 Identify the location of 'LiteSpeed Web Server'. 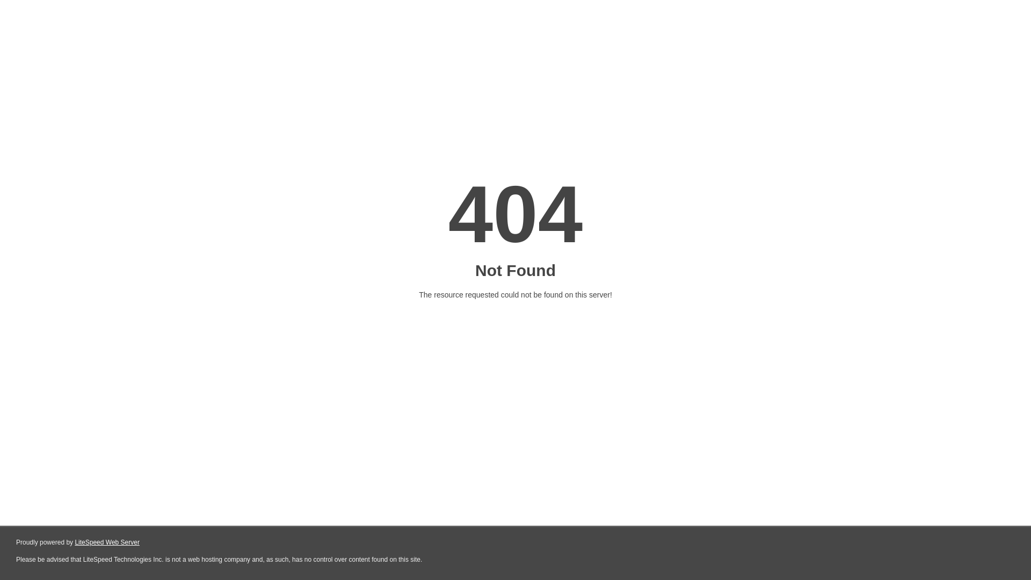
(107, 542).